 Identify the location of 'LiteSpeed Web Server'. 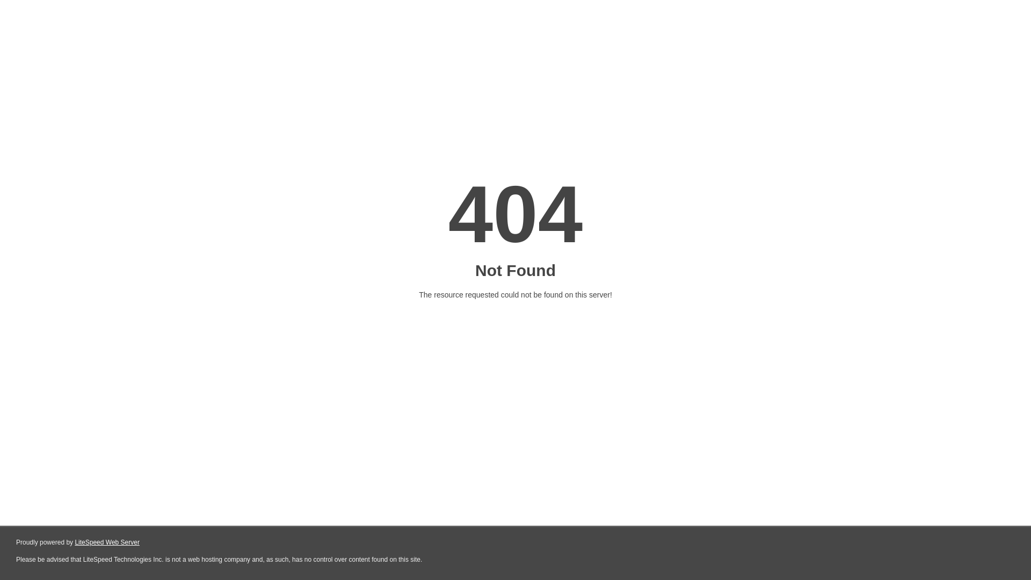
(107, 542).